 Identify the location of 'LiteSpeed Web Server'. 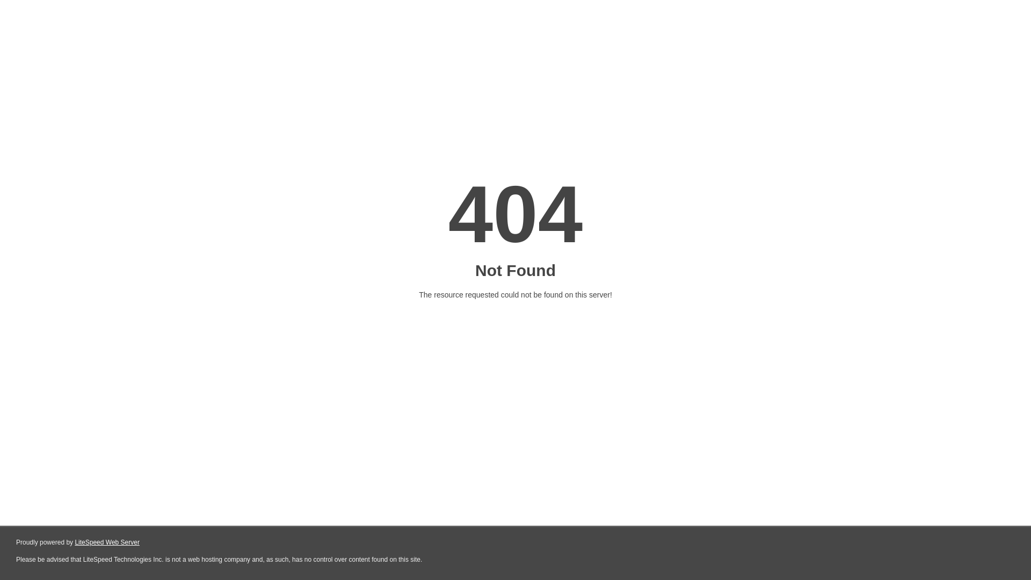
(107, 542).